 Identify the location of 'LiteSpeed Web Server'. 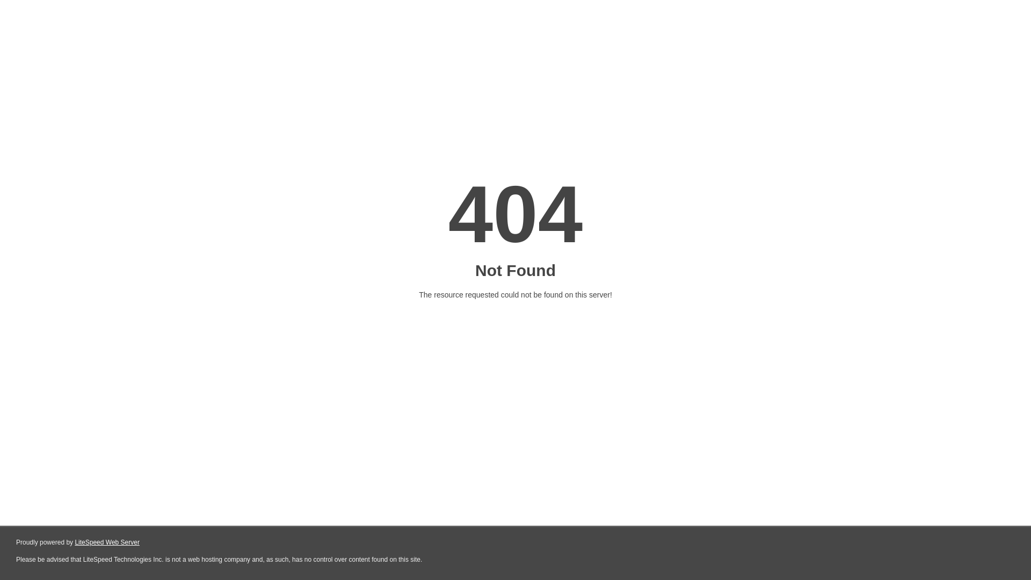
(107, 542).